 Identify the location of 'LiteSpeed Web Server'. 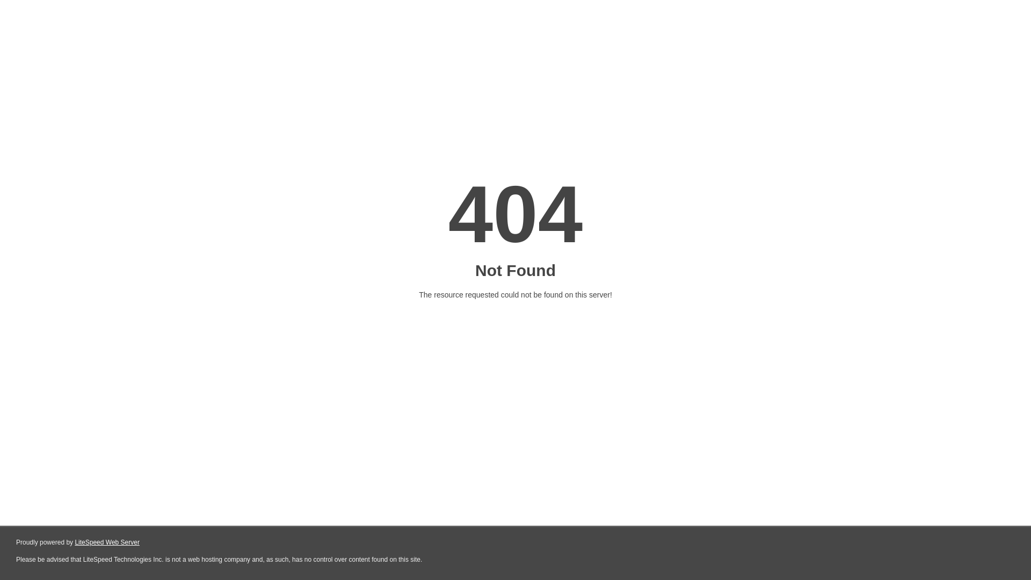
(107, 542).